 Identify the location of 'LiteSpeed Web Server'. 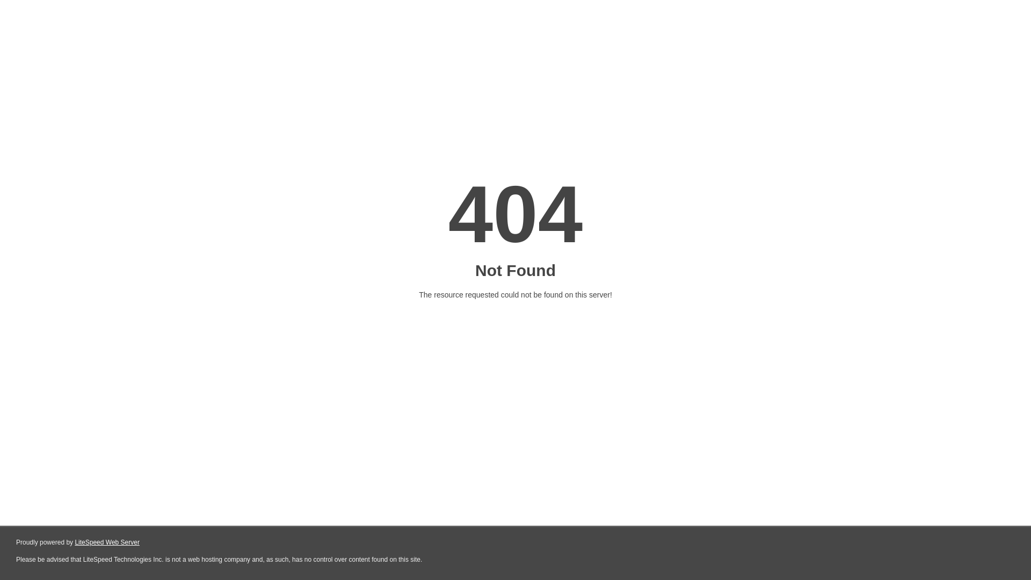
(107, 542).